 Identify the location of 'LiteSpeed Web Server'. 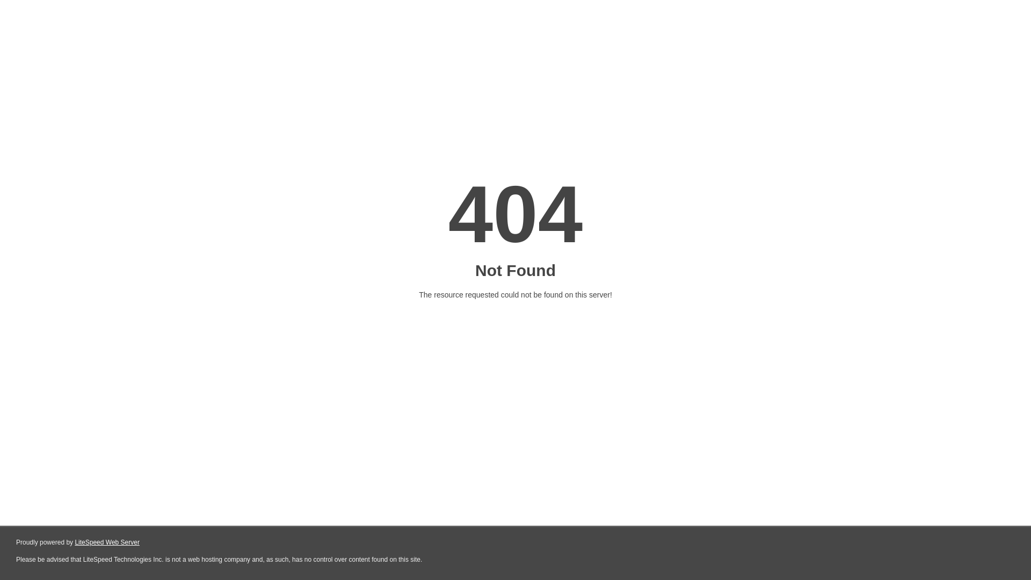
(107, 542).